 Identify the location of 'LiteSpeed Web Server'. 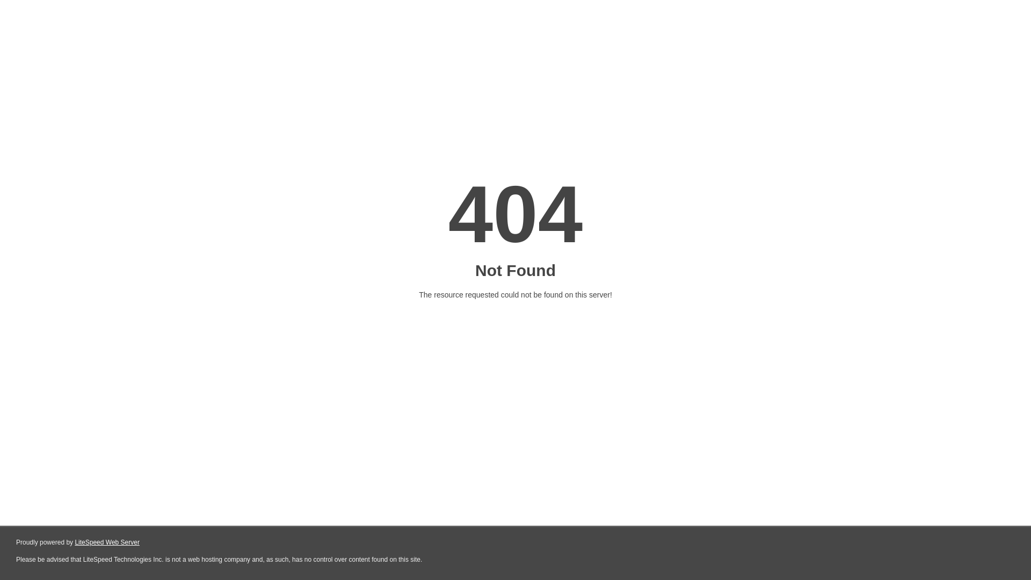
(107, 542).